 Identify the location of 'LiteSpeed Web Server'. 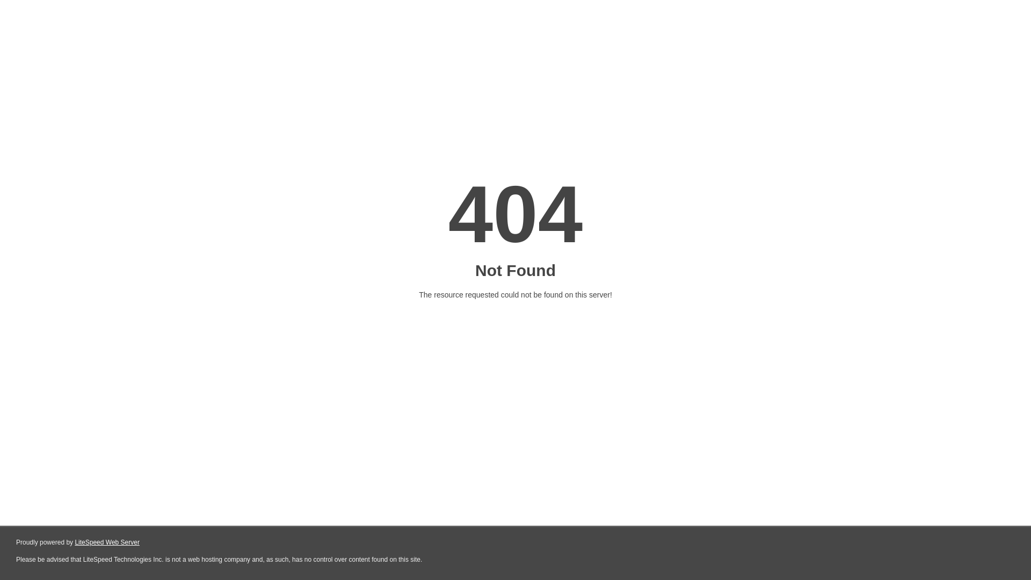
(107, 542).